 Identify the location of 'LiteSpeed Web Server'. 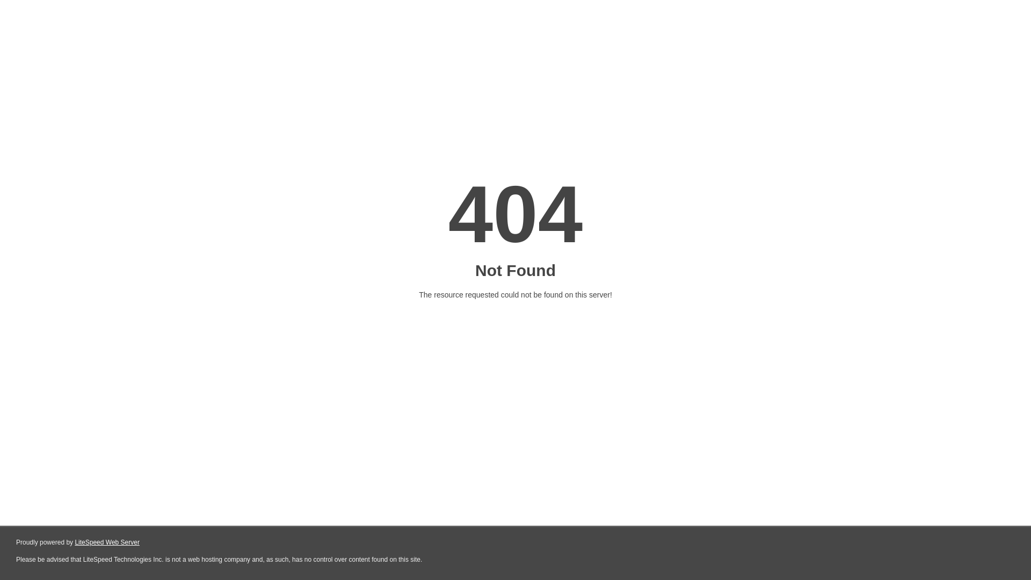
(107, 542).